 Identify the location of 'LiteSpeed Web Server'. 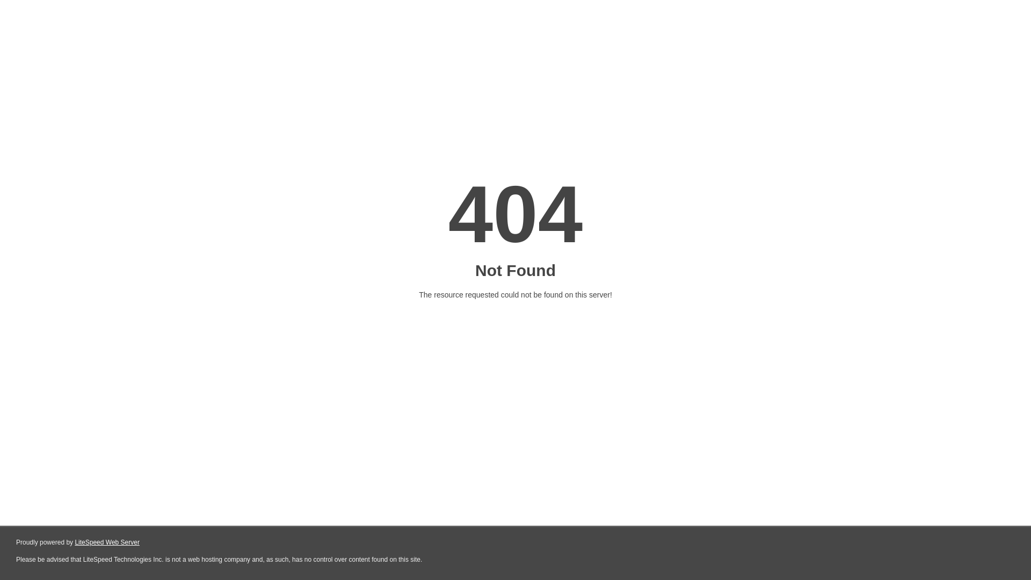
(107, 542).